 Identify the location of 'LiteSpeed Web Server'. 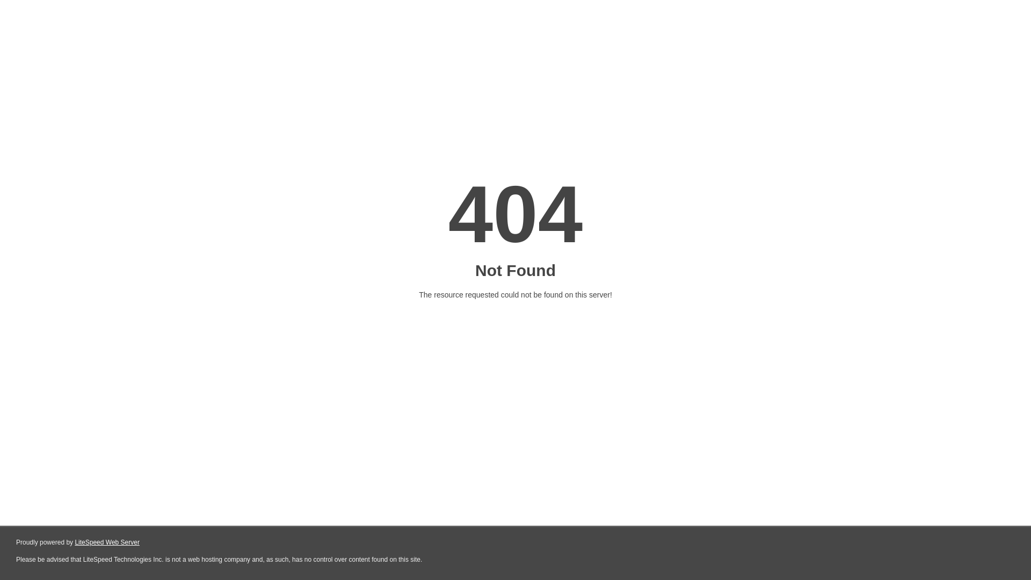
(107, 542).